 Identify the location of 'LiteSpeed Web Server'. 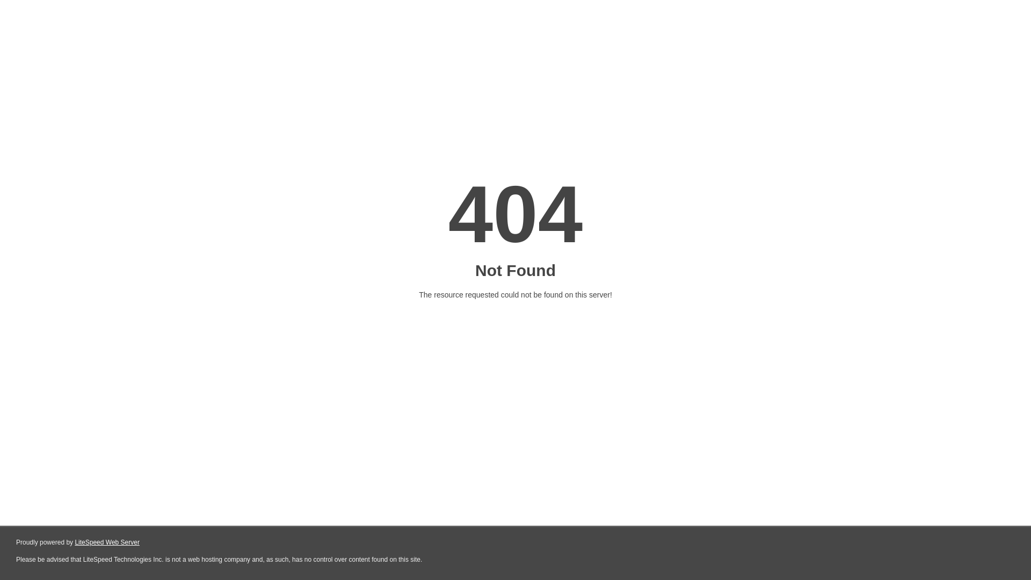
(107, 542).